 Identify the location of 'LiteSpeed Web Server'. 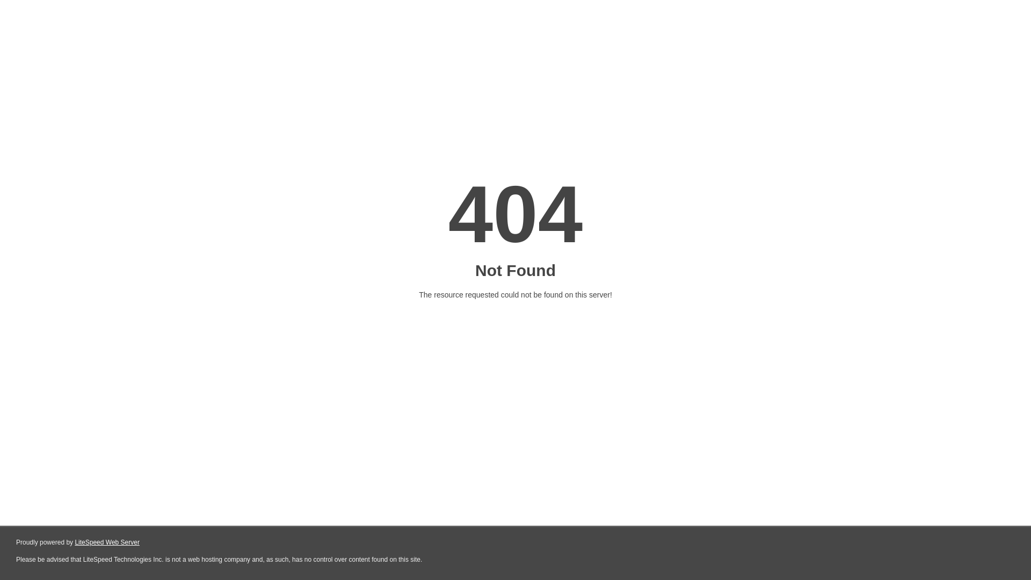
(107, 542).